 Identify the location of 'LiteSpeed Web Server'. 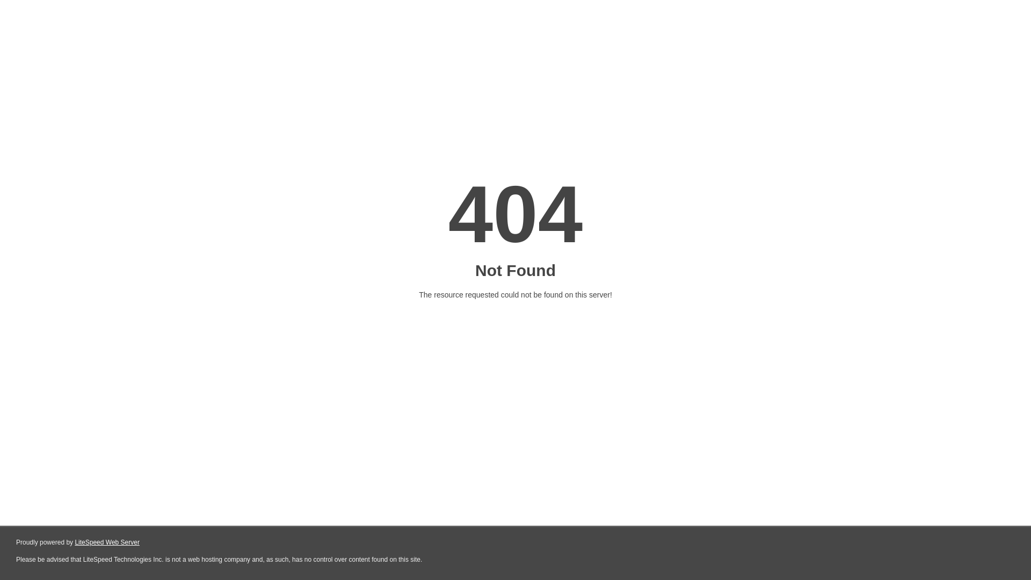
(107, 542).